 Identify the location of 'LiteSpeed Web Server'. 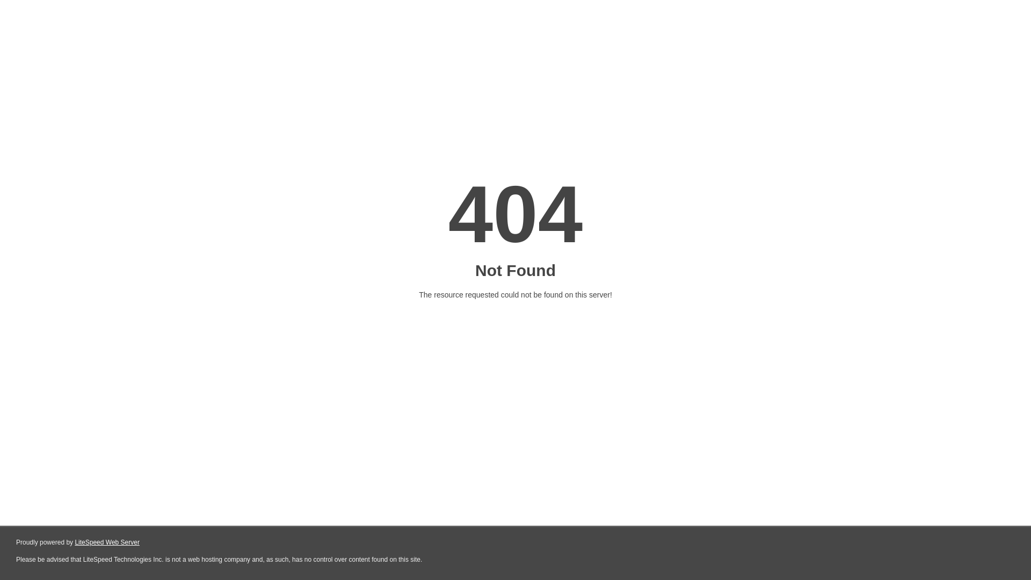
(107, 542).